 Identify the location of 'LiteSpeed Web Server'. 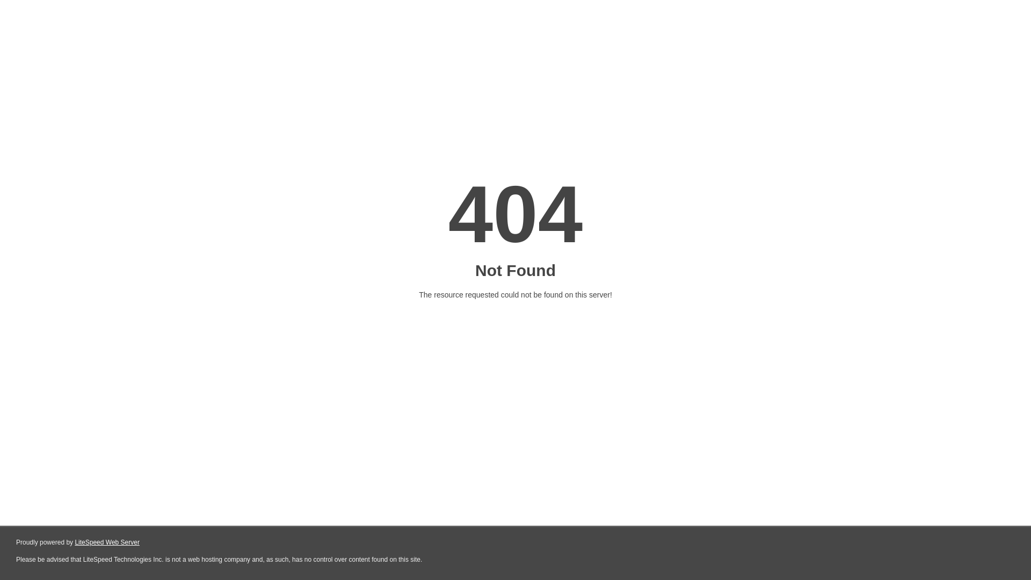
(107, 542).